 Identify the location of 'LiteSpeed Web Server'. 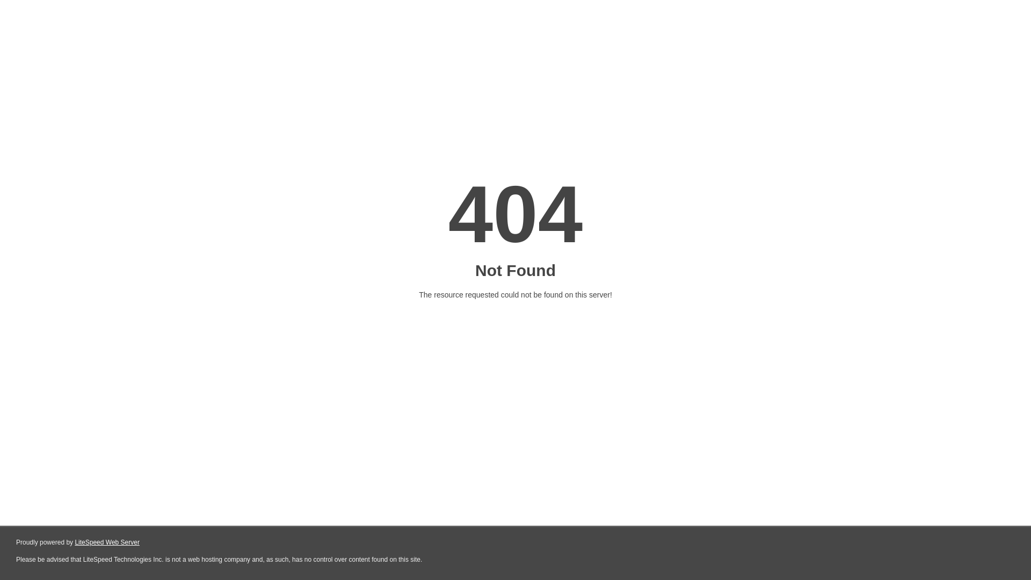
(107, 542).